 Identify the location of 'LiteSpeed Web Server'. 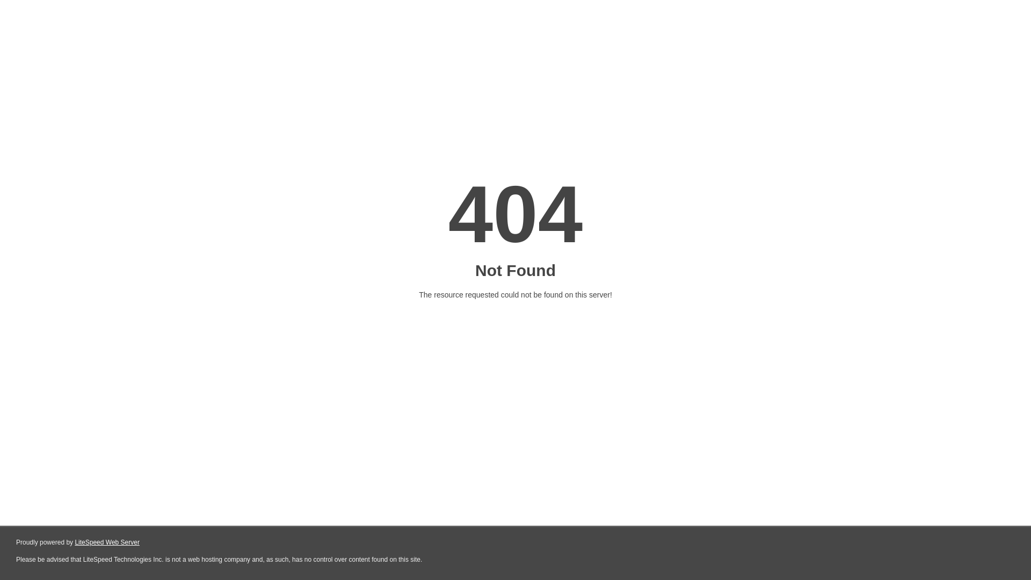
(107, 542).